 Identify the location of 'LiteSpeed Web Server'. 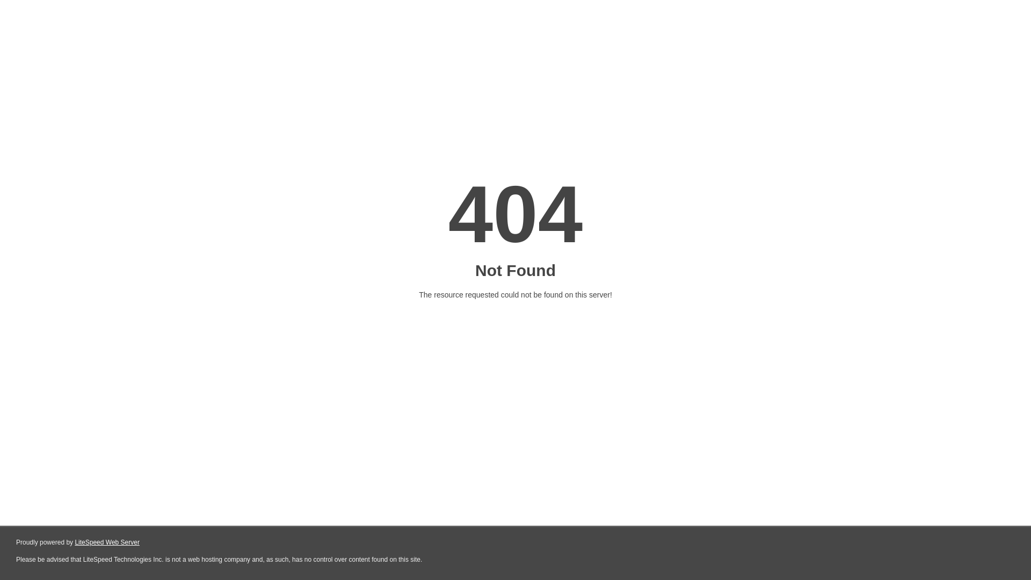
(107, 542).